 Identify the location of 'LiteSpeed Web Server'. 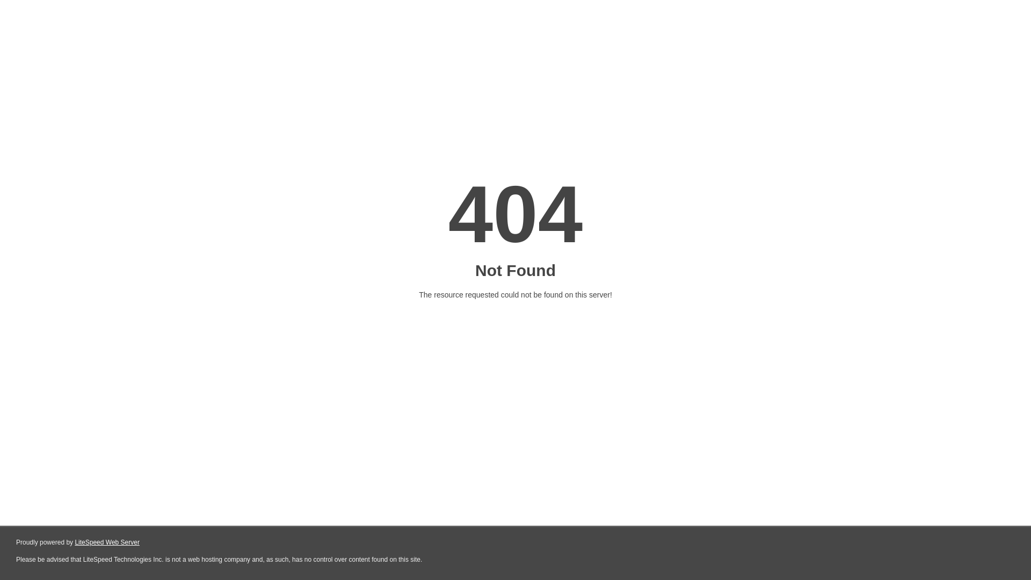
(107, 542).